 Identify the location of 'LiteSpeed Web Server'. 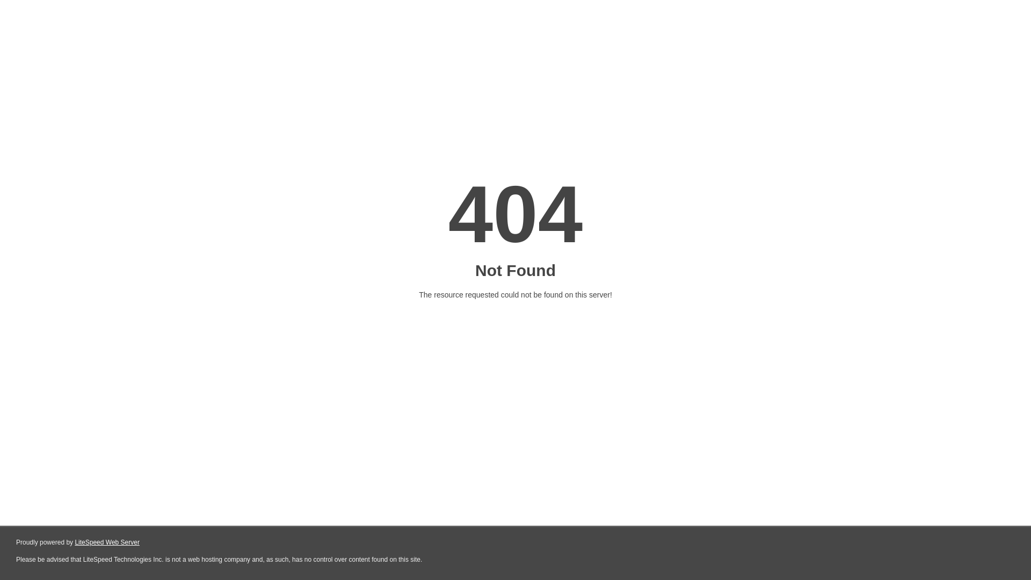
(107, 542).